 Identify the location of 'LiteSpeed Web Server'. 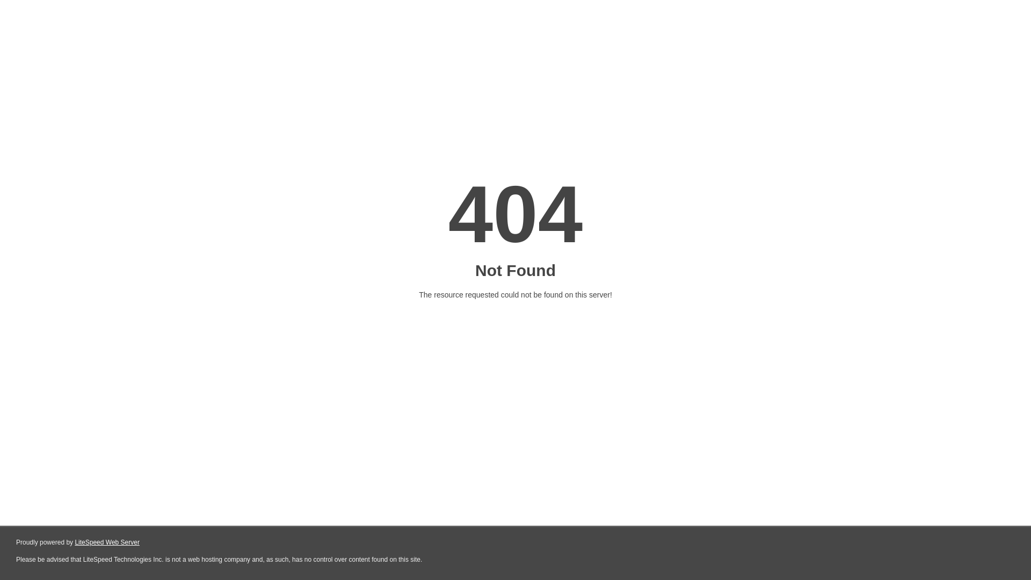
(107, 542).